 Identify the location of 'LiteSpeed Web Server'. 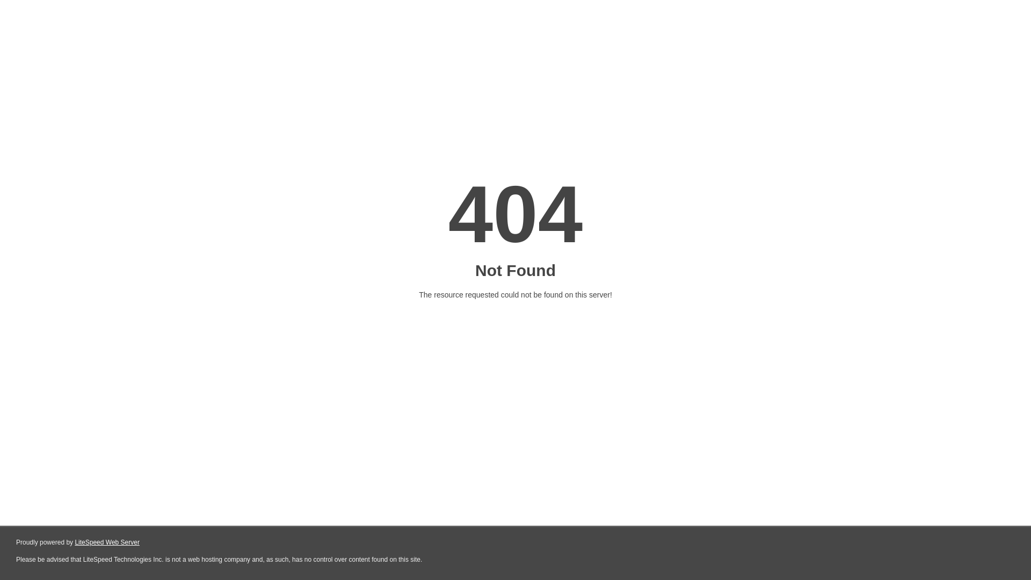
(107, 542).